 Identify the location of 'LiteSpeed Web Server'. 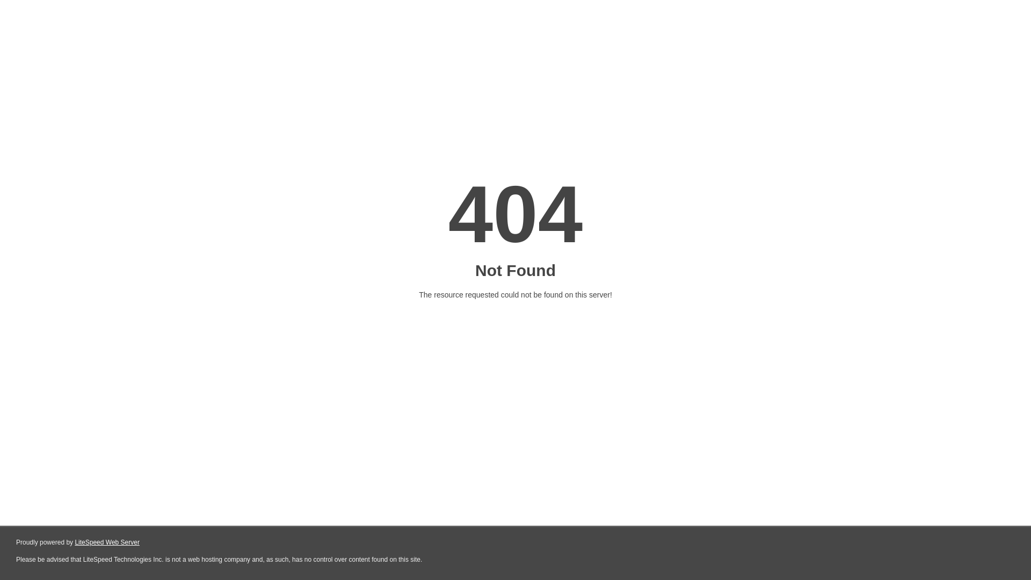
(107, 542).